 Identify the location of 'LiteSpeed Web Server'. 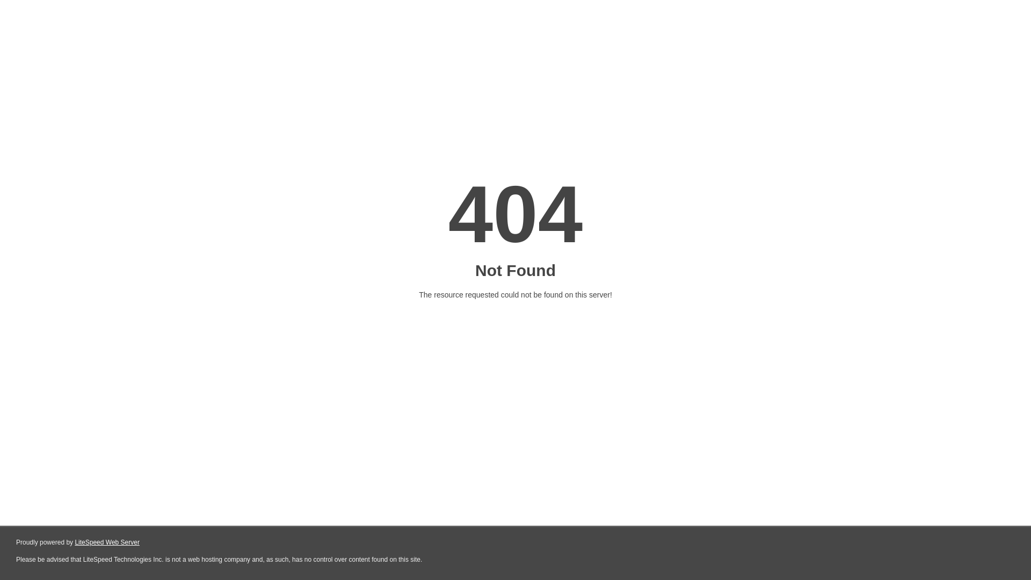
(107, 542).